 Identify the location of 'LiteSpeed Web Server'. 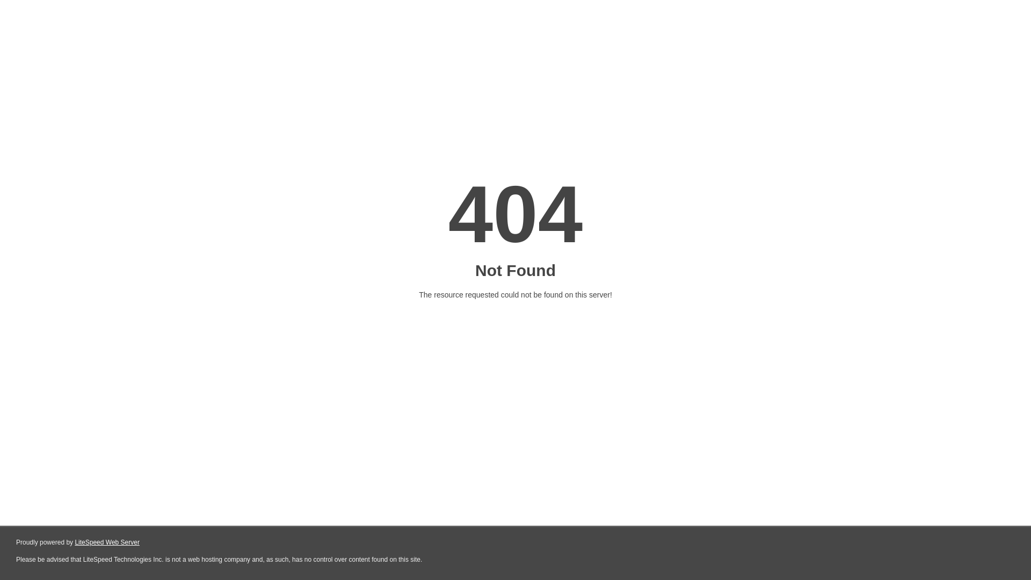
(107, 542).